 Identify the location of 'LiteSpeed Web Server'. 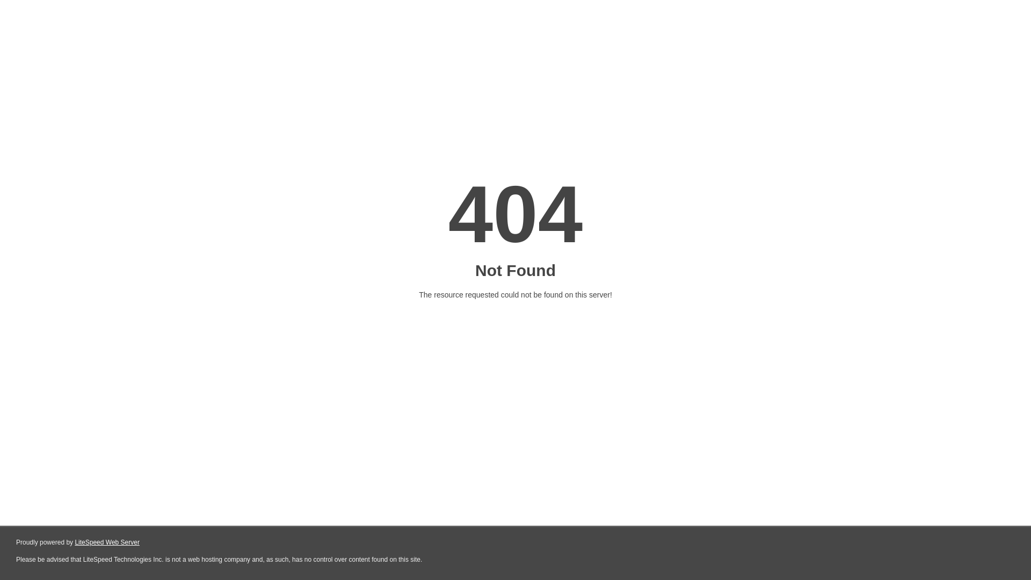
(107, 542).